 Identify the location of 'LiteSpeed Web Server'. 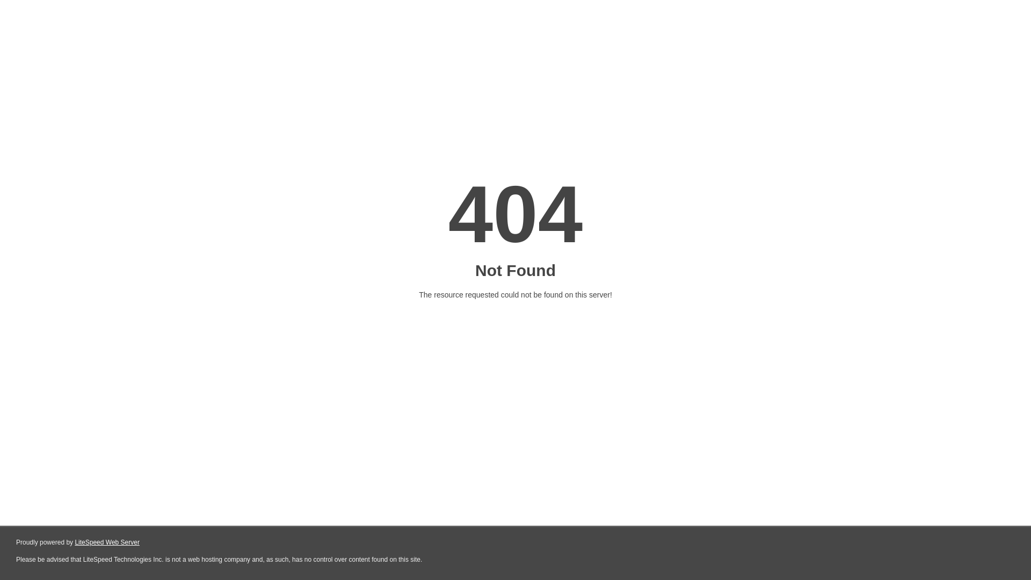
(107, 542).